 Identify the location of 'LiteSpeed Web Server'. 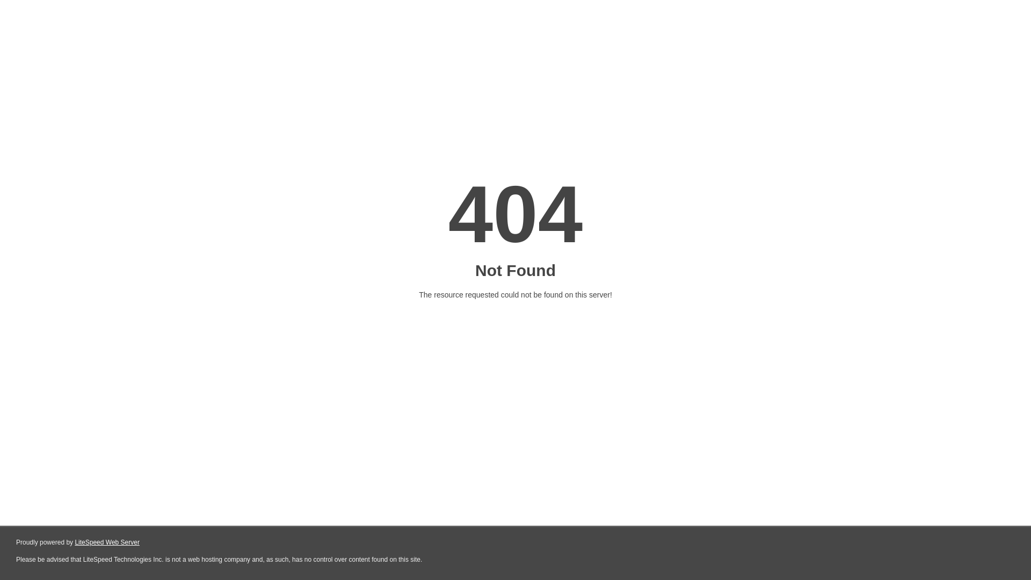
(107, 542).